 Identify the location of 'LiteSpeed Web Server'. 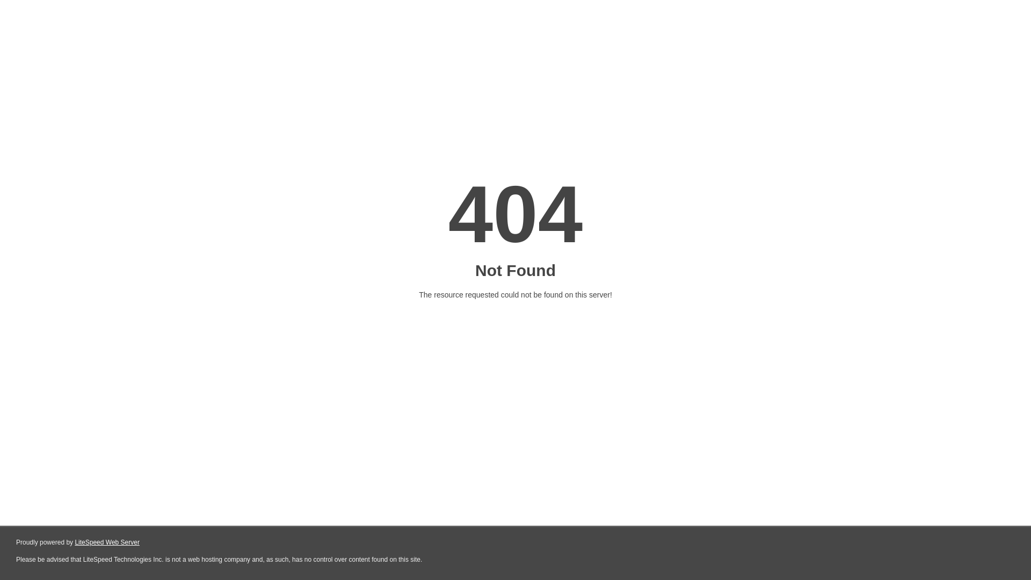
(107, 542).